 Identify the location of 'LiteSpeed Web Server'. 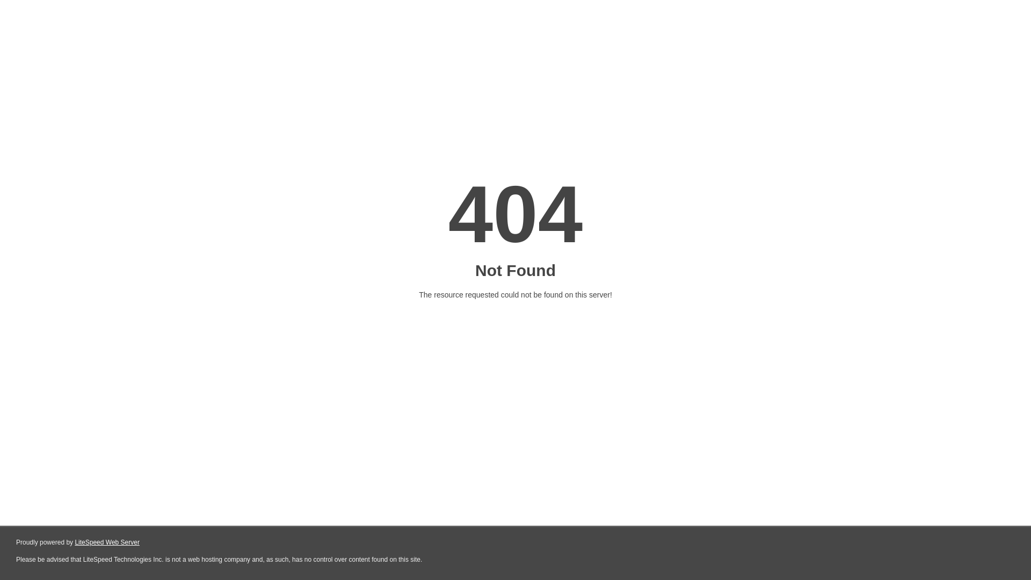
(107, 542).